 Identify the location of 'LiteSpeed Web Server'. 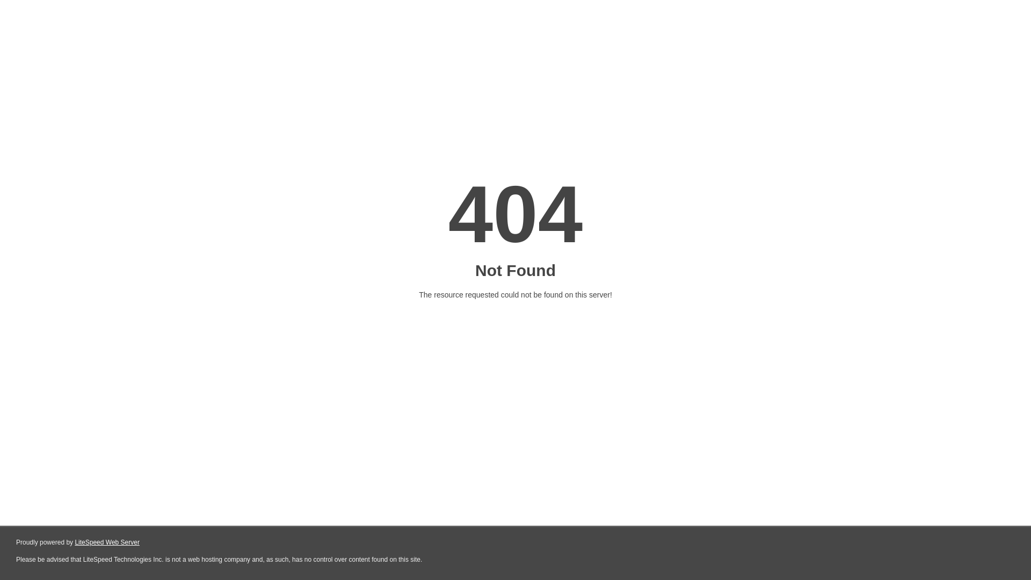
(107, 542).